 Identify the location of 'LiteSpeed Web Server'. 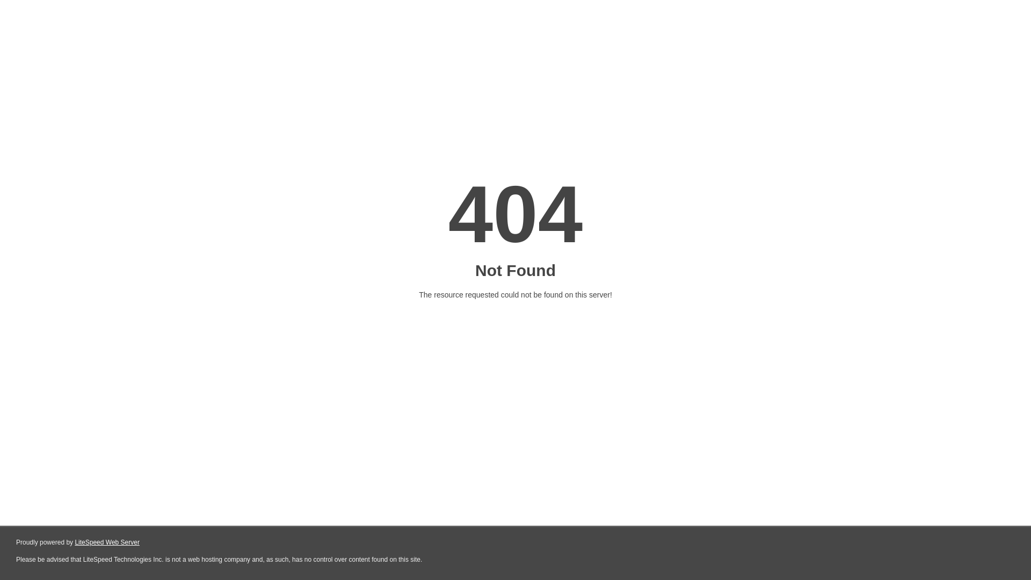
(107, 542).